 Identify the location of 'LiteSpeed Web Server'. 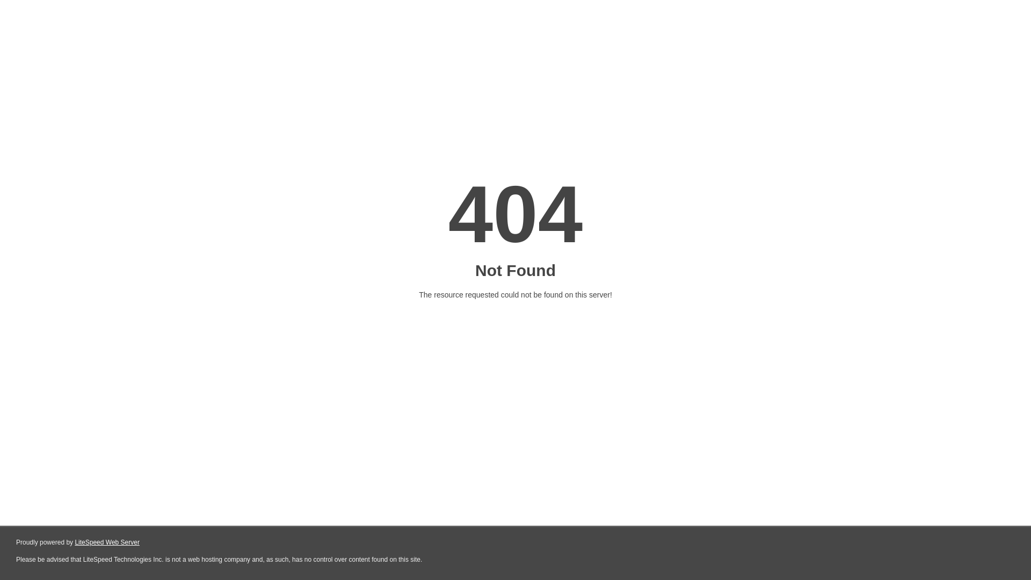
(107, 542).